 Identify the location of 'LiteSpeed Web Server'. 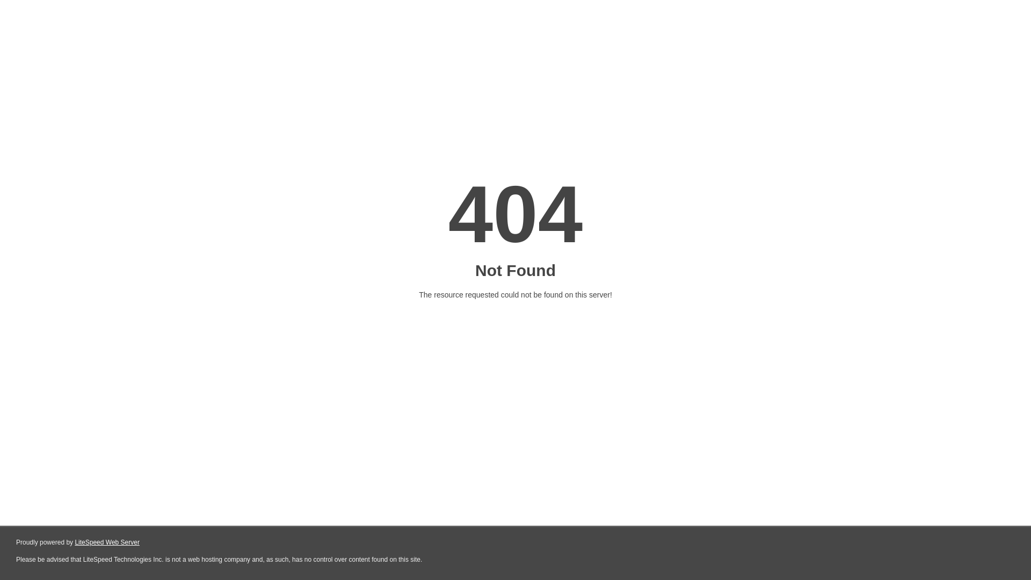
(107, 542).